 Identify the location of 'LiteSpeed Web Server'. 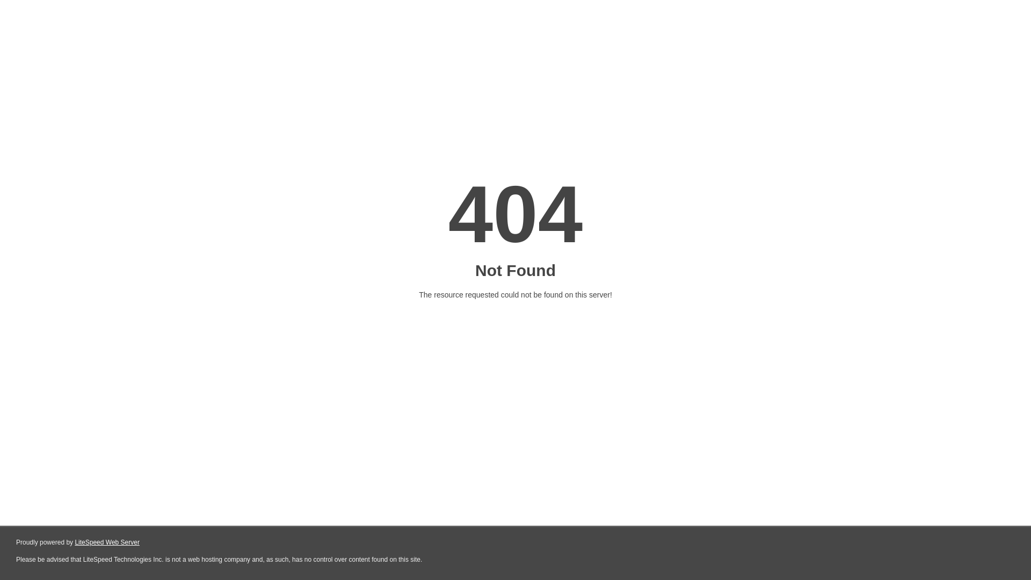
(107, 542).